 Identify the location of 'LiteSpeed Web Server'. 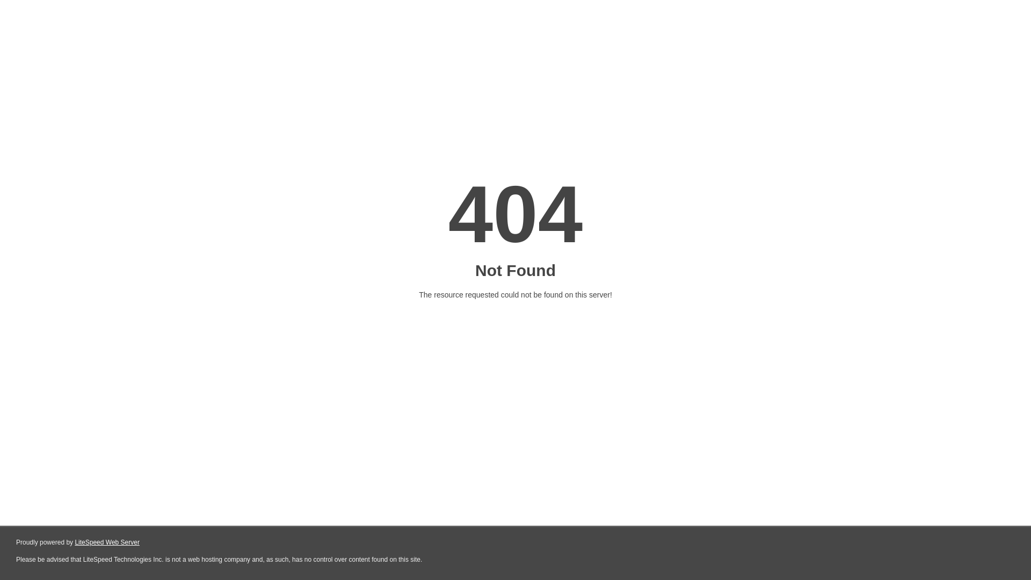
(107, 542).